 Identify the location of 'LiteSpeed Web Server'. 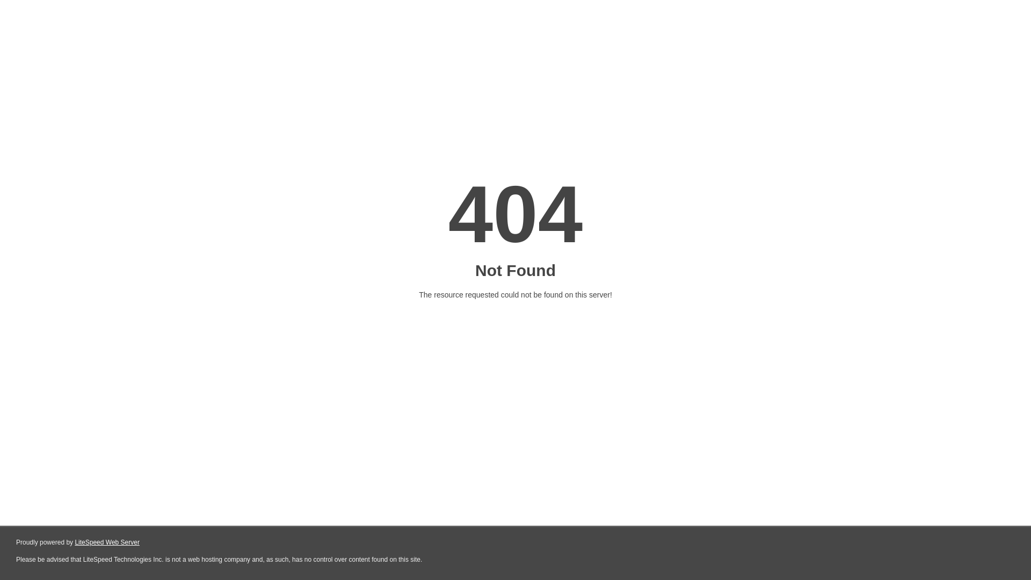
(107, 542).